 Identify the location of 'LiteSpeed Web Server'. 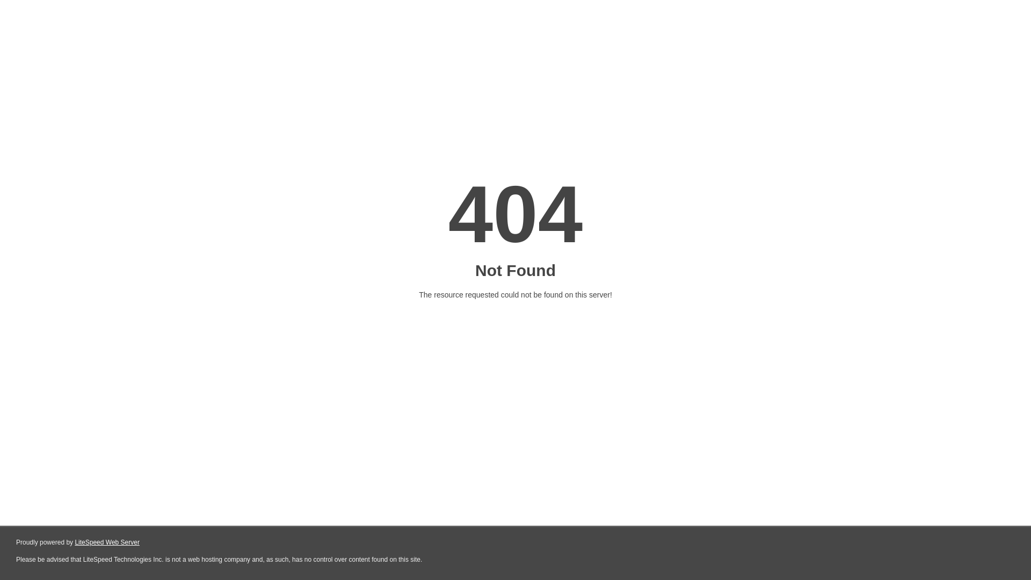
(107, 542).